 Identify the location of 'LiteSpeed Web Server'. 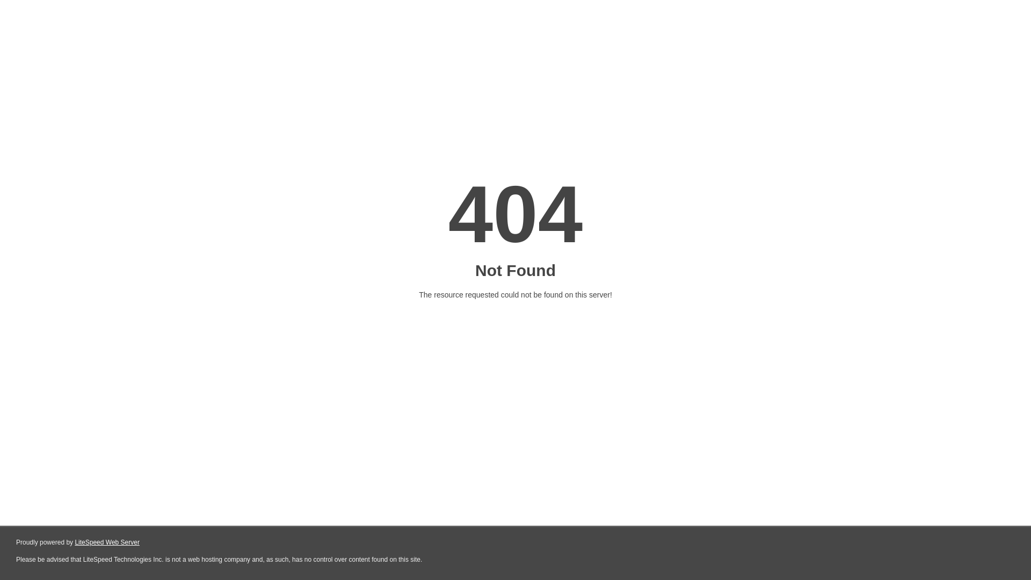
(107, 542).